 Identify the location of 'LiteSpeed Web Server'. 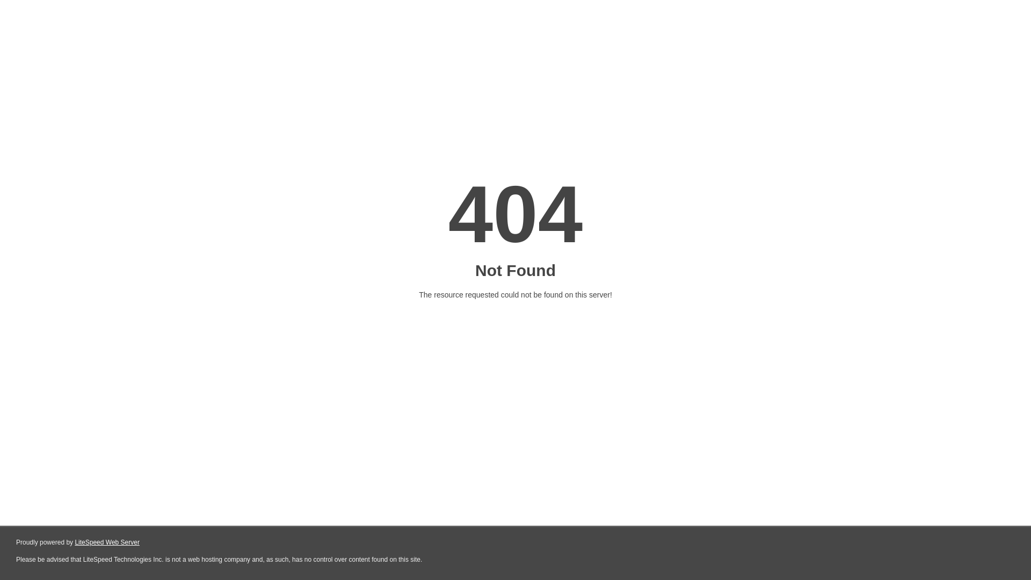
(107, 542).